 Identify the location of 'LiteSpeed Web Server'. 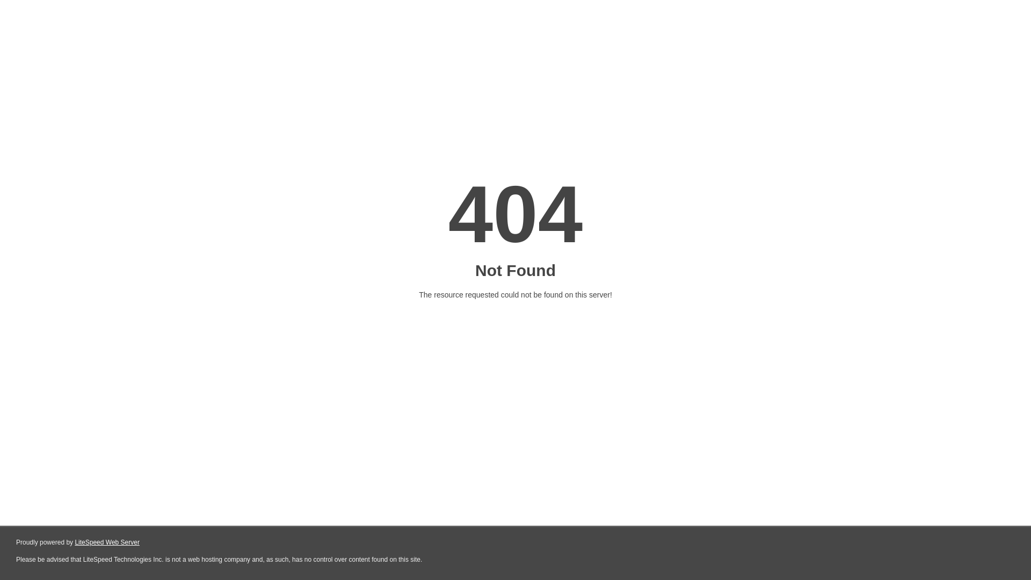
(107, 542).